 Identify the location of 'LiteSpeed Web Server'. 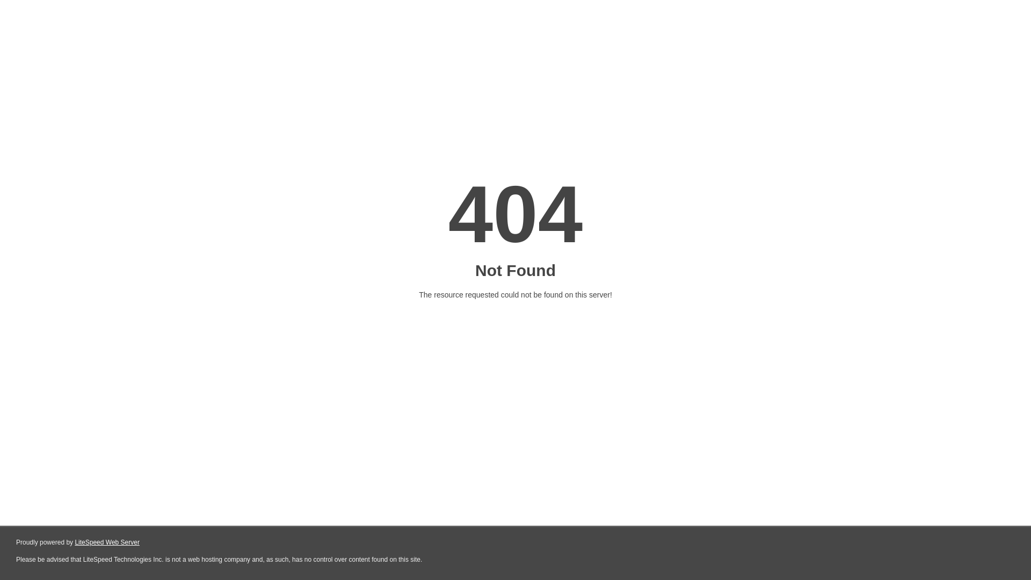
(107, 542).